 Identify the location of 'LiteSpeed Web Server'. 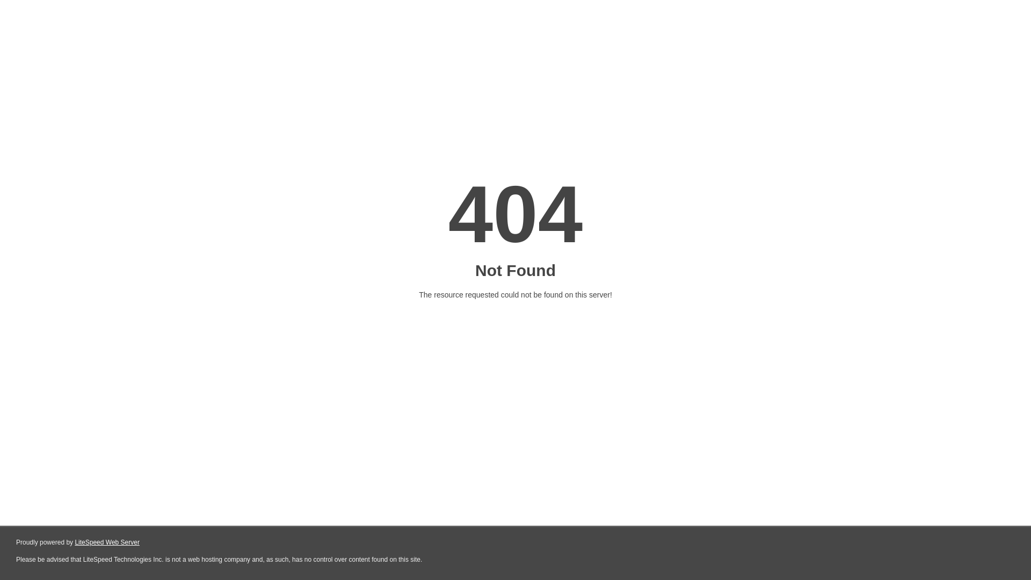
(107, 542).